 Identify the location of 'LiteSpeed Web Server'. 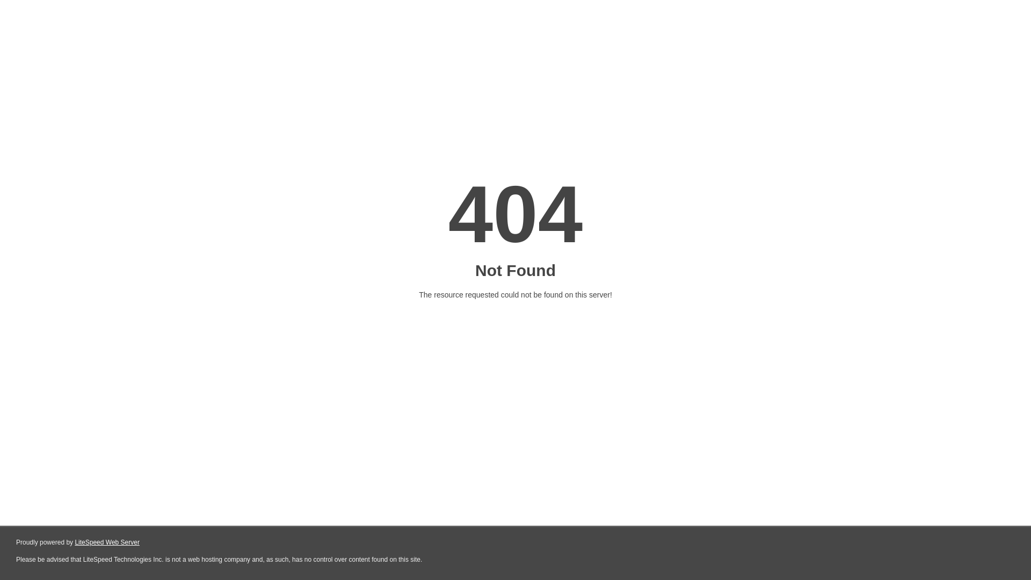
(107, 542).